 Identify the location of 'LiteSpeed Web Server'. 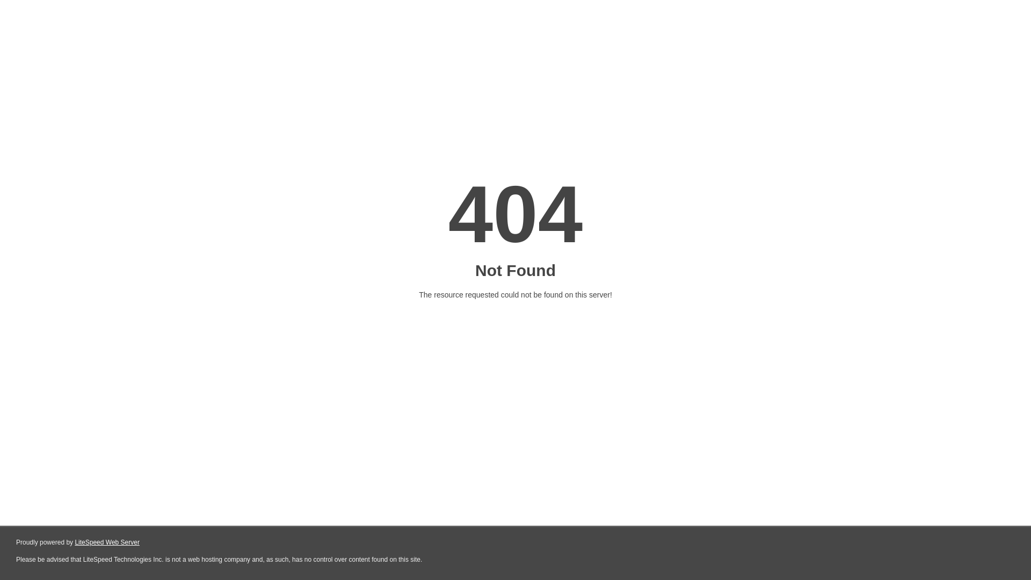
(107, 542).